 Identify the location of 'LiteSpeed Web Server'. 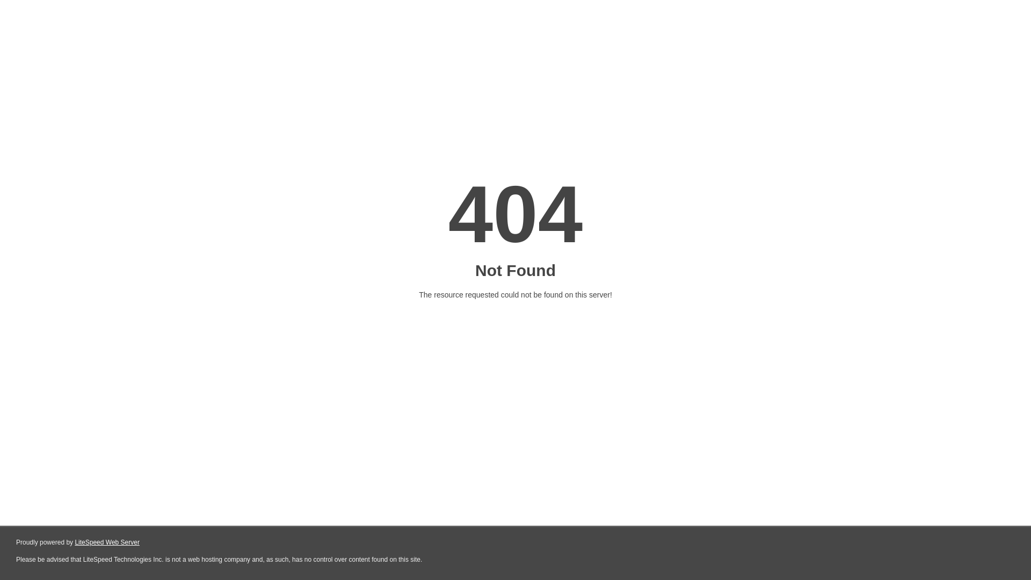
(107, 542).